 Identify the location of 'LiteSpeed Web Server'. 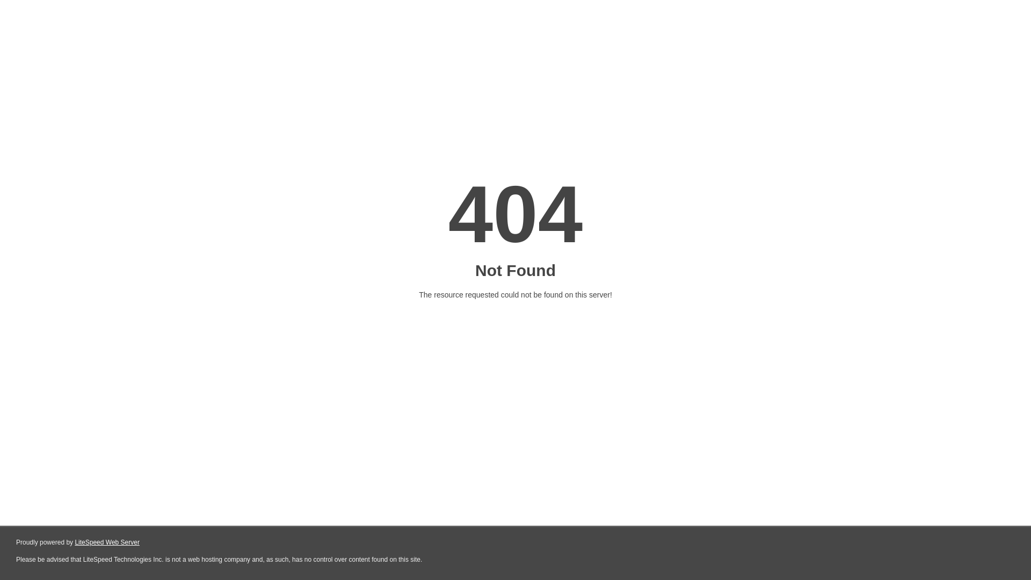
(107, 542).